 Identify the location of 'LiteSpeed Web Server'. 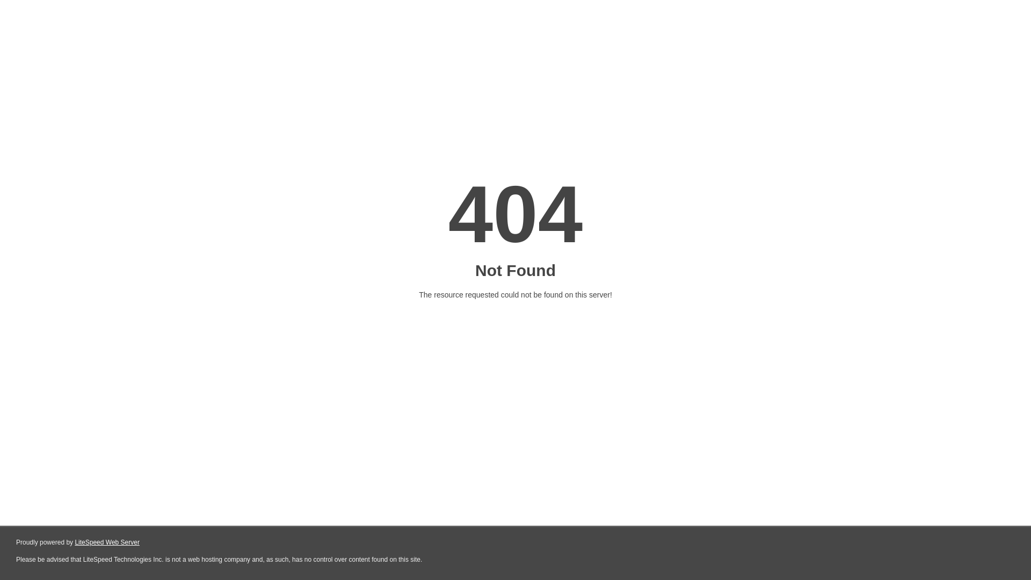
(107, 542).